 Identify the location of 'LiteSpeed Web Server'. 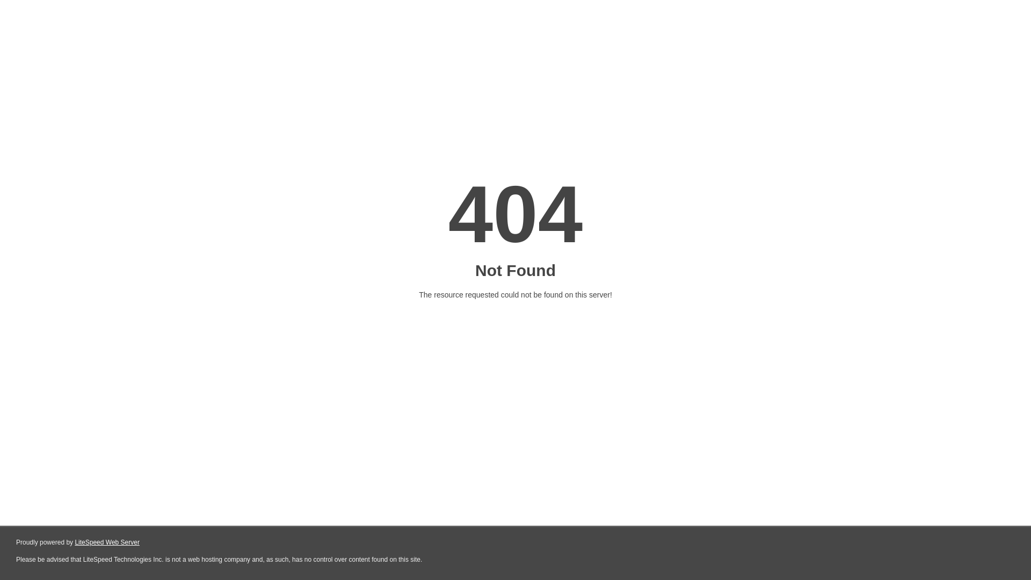
(107, 542).